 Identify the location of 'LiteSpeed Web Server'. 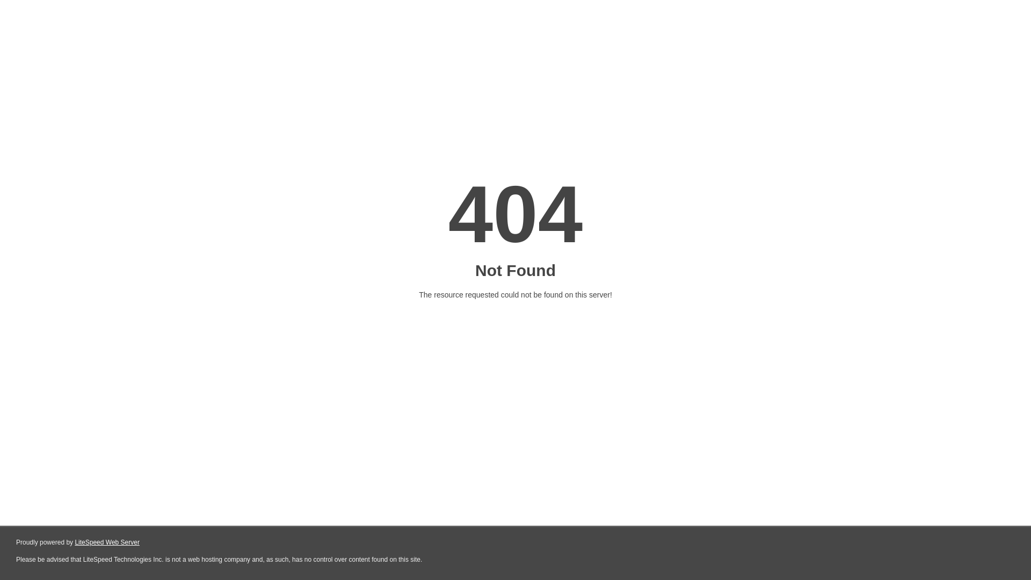
(107, 542).